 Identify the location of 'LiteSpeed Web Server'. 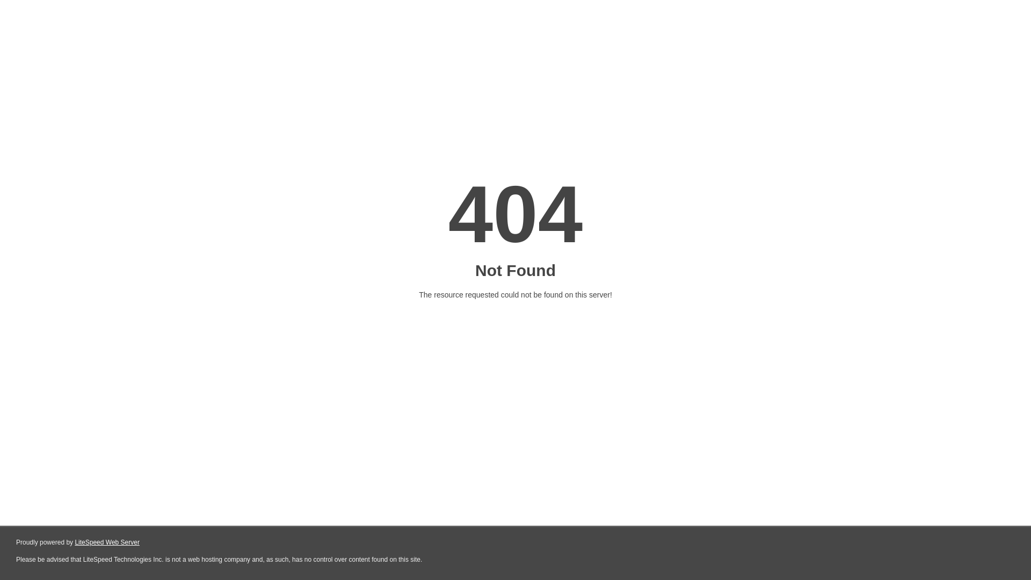
(107, 542).